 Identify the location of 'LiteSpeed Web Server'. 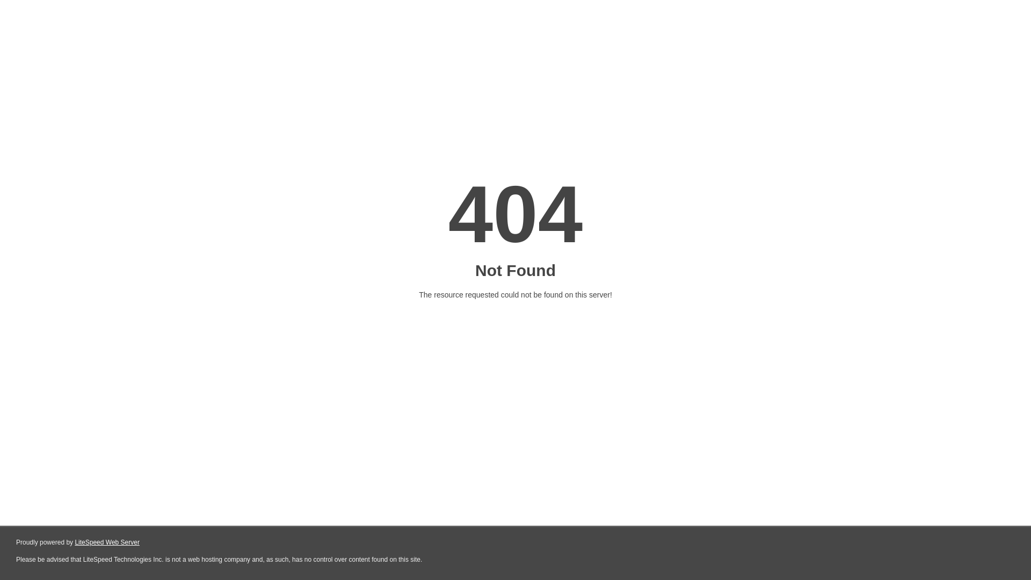
(107, 542).